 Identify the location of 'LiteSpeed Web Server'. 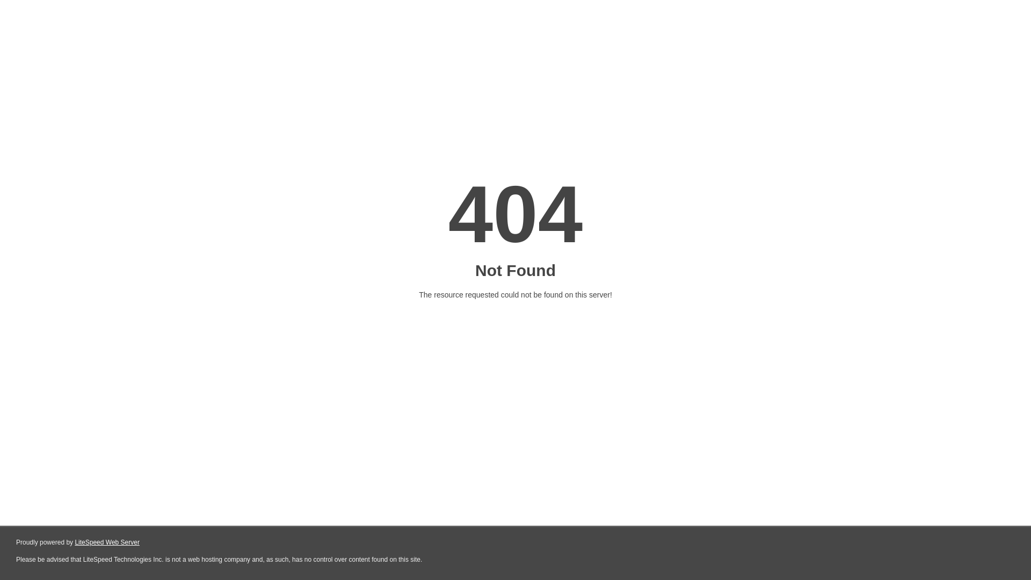
(107, 542).